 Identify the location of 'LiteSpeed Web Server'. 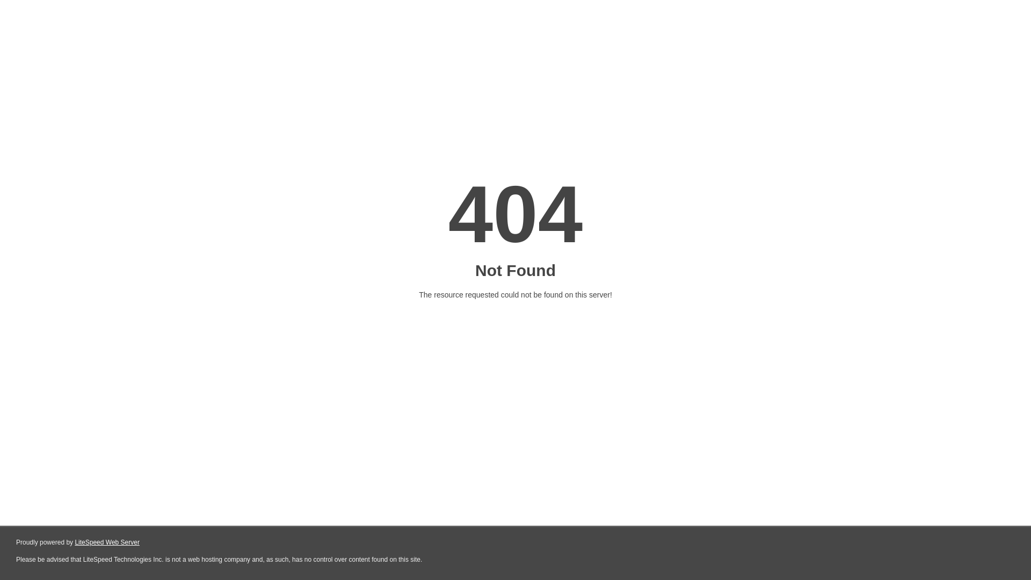
(107, 542).